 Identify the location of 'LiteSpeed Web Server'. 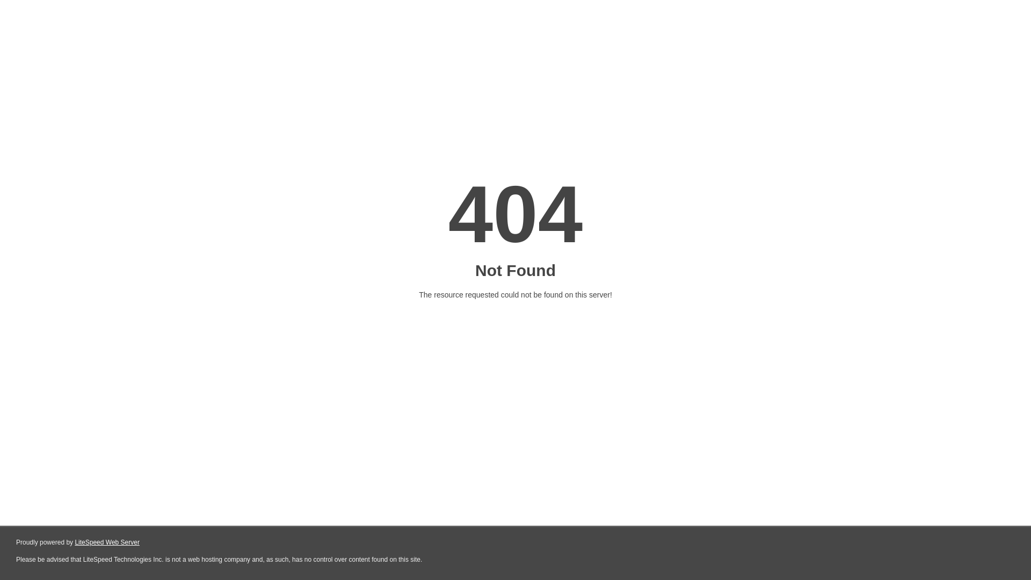
(107, 542).